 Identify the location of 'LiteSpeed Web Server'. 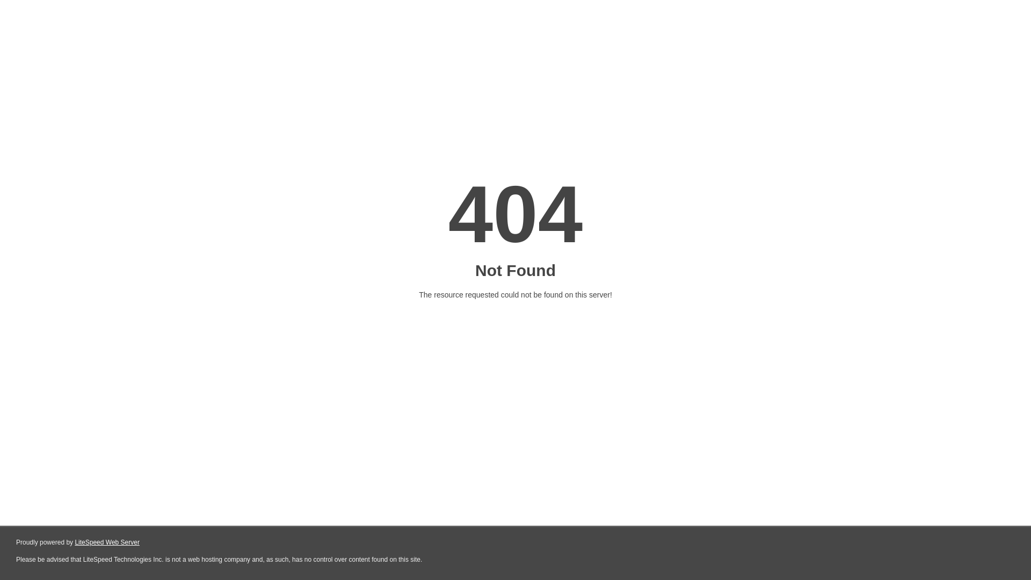
(107, 542).